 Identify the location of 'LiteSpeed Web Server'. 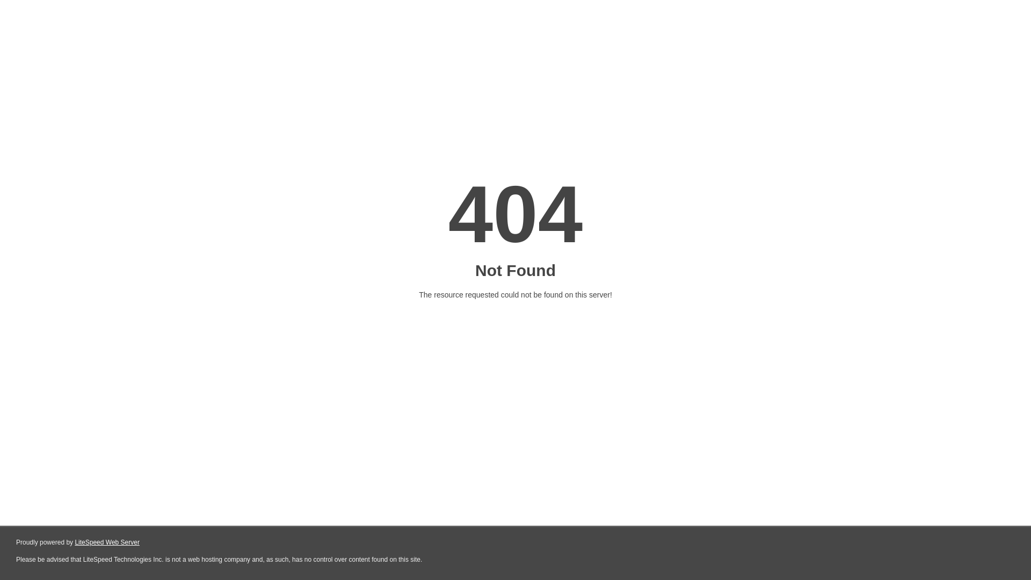
(107, 542).